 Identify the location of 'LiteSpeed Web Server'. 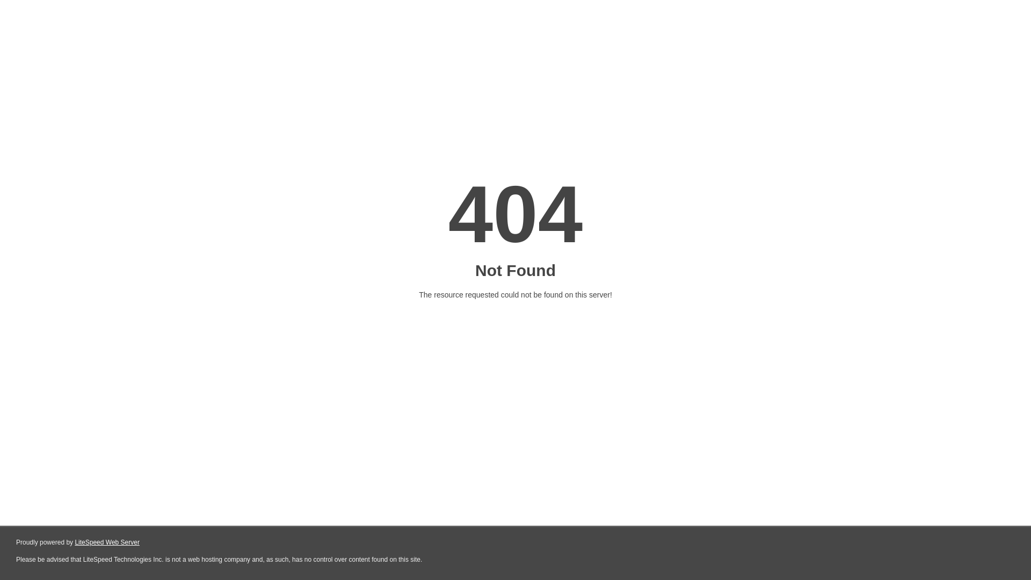
(107, 542).